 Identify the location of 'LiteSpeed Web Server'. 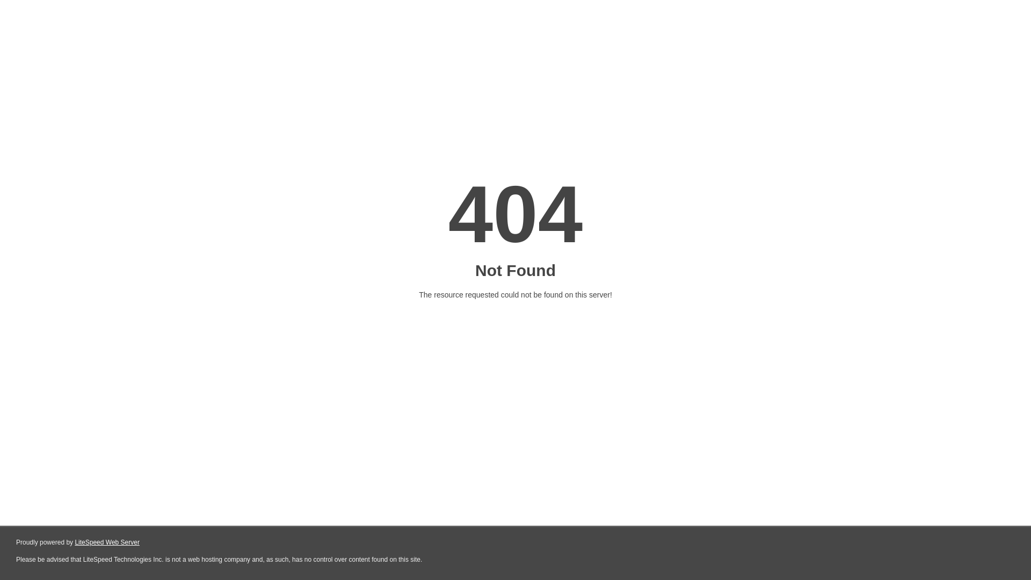
(107, 542).